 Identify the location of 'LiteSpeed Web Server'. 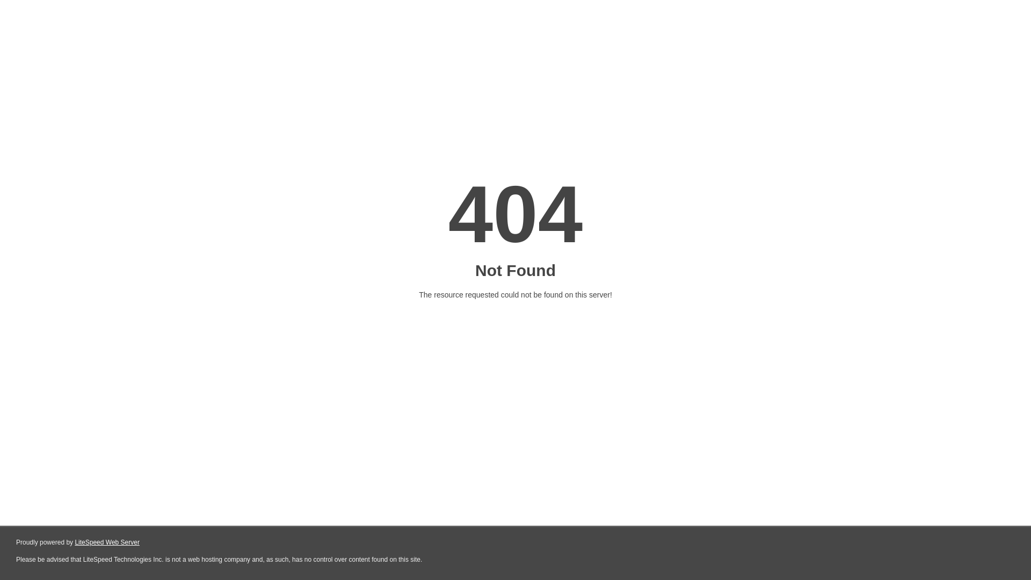
(107, 542).